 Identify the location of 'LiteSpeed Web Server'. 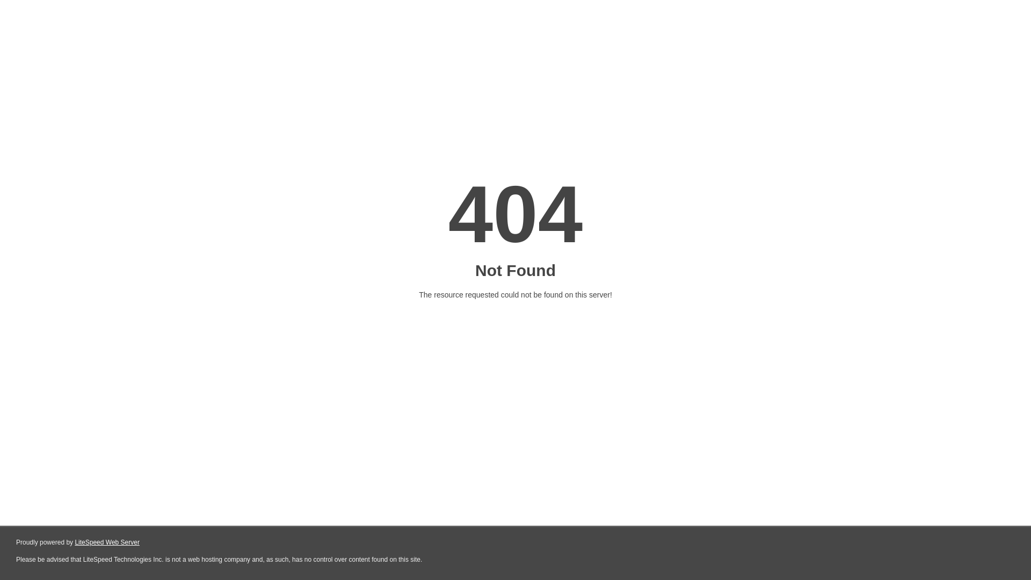
(107, 542).